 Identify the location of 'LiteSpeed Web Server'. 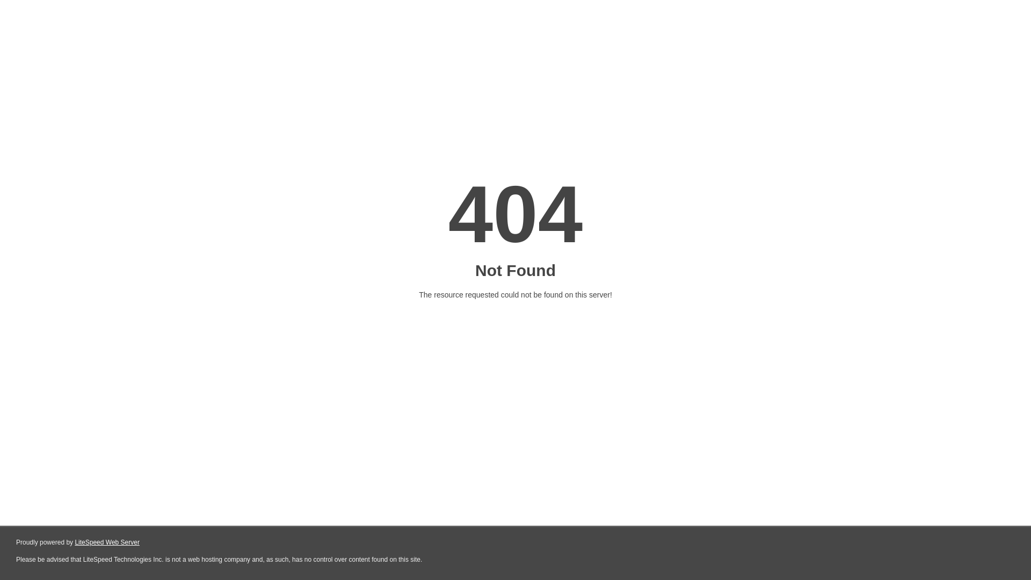
(107, 542).